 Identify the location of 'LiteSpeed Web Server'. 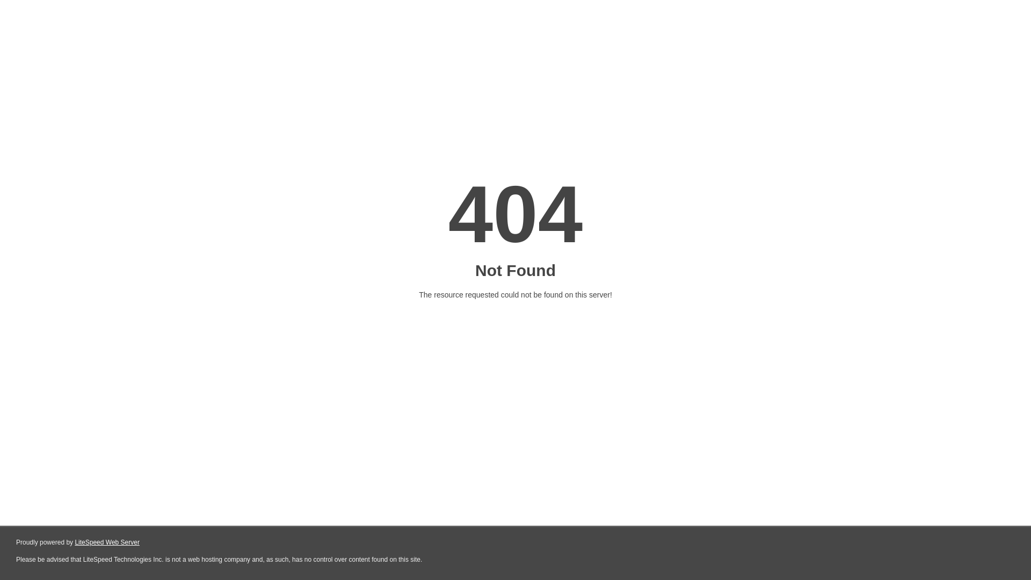
(107, 542).